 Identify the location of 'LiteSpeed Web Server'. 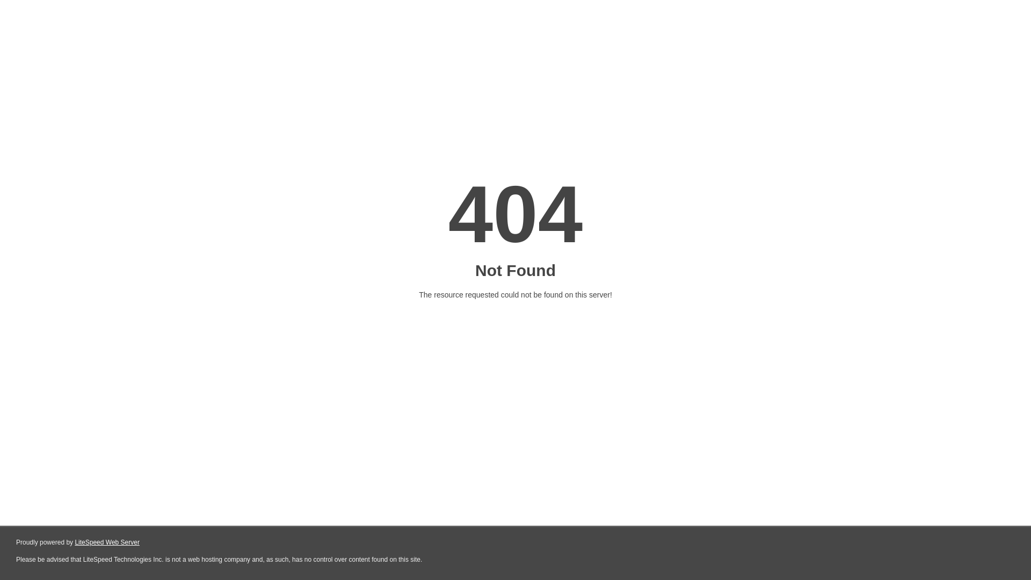
(107, 542).